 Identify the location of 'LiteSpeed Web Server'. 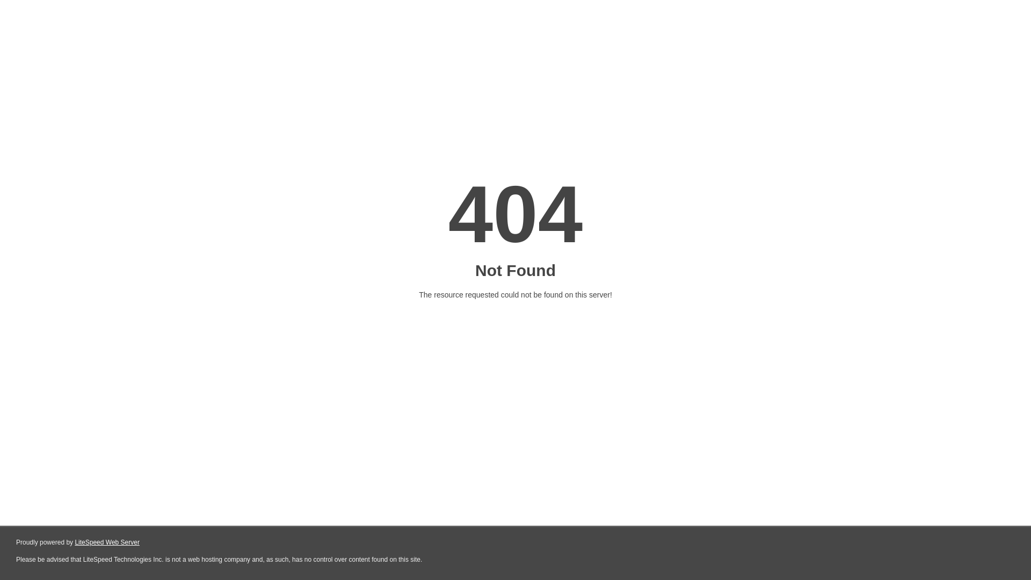
(107, 542).